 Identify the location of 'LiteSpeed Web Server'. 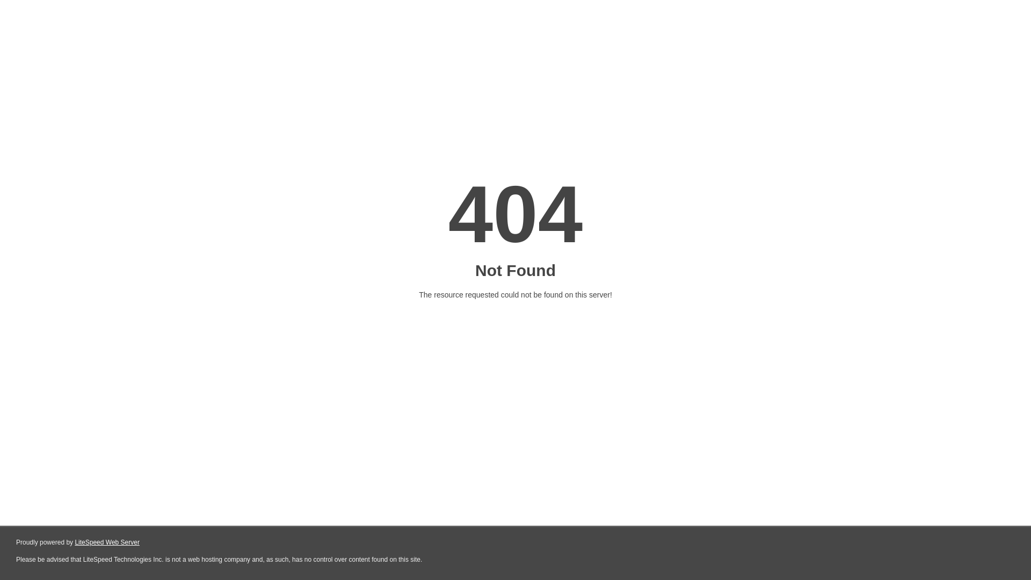
(107, 542).